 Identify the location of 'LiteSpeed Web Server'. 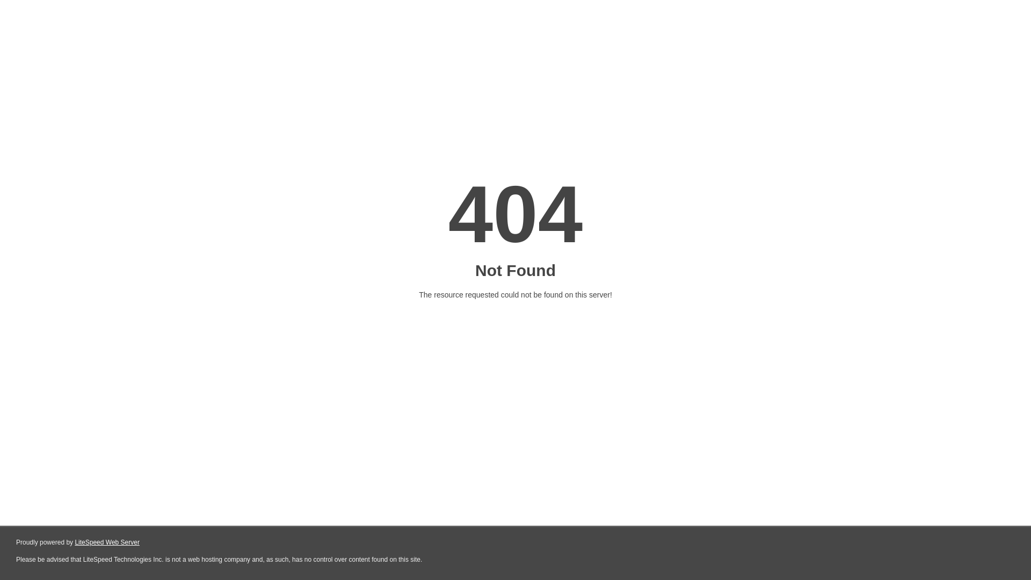
(107, 542).